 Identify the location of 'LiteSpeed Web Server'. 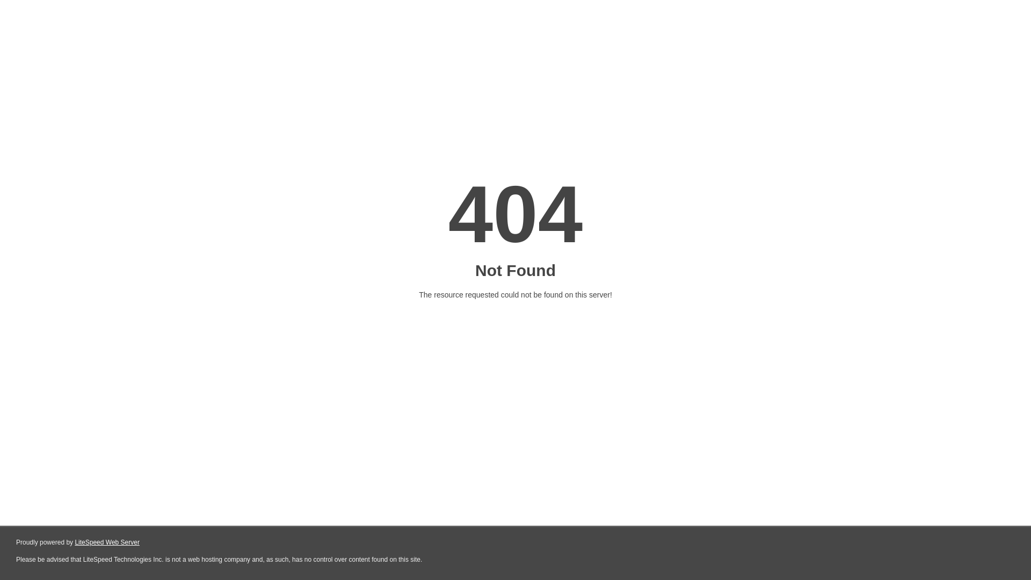
(107, 542).